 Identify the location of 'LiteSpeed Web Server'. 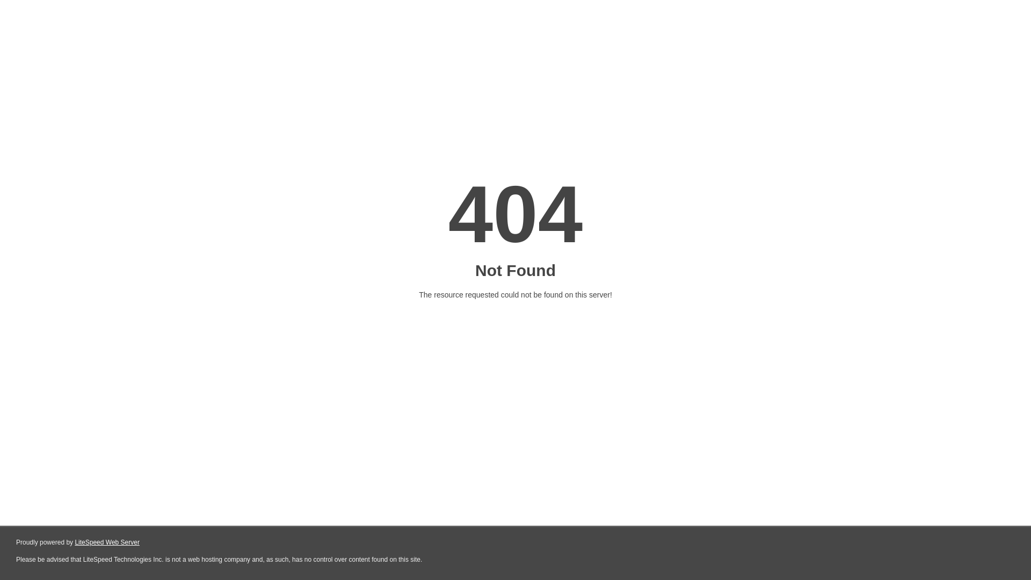
(107, 542).